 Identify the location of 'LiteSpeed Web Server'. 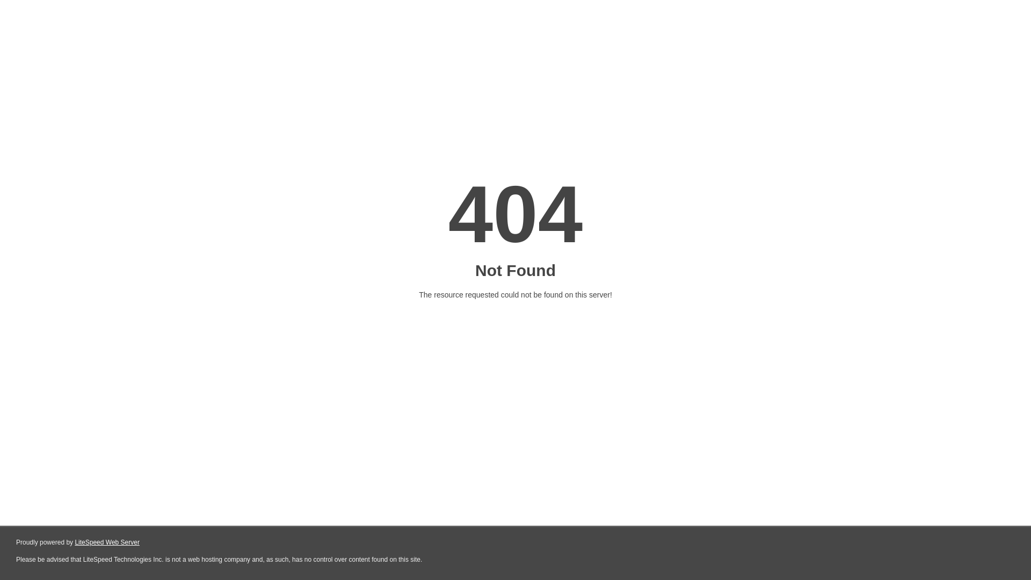
(107, 542).